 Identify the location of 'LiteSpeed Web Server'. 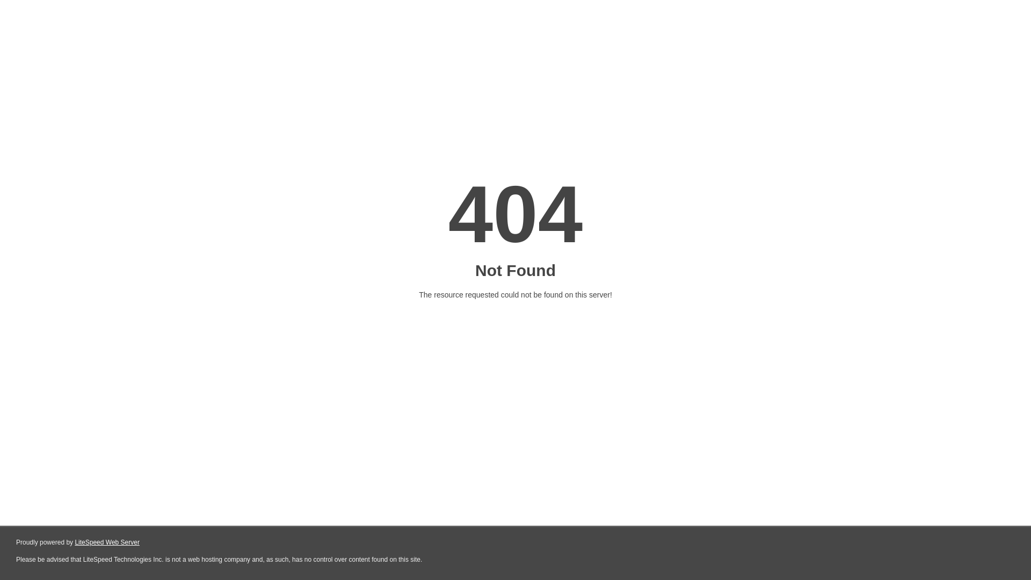
(107, 542).